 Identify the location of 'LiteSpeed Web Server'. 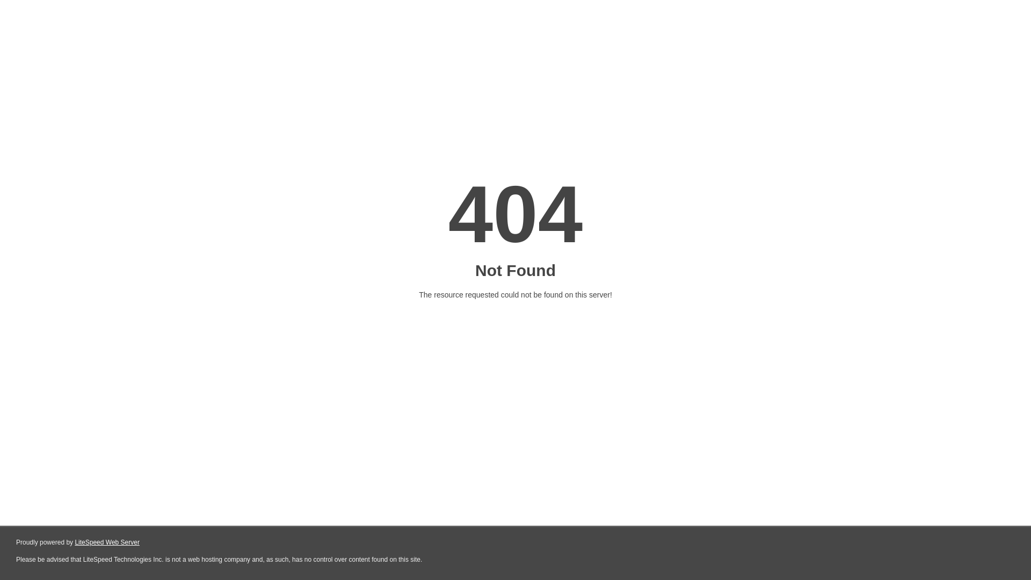
(107, 542).